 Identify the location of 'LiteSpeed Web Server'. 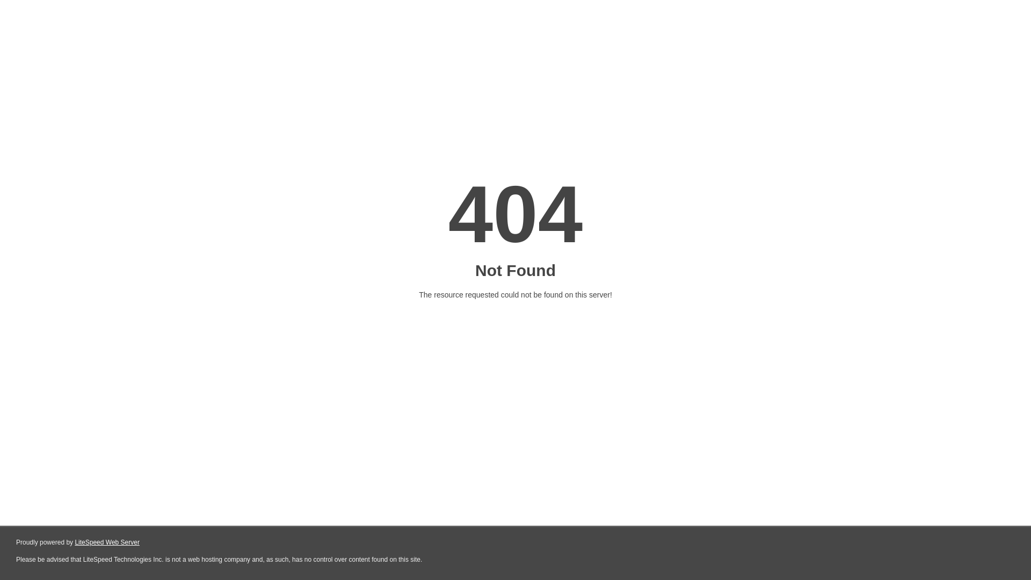
(107, 542).